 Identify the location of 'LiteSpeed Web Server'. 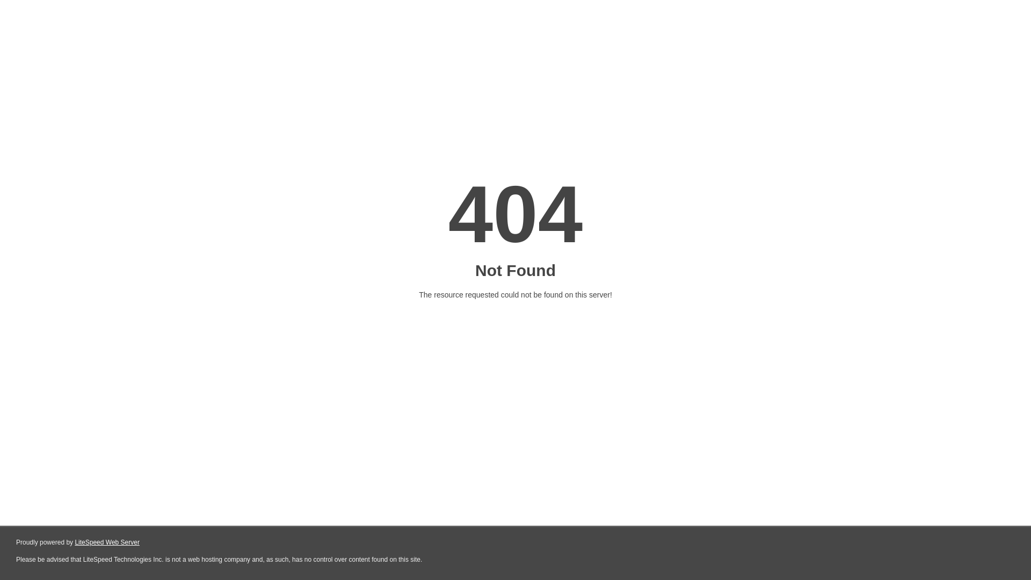
(107, 542).